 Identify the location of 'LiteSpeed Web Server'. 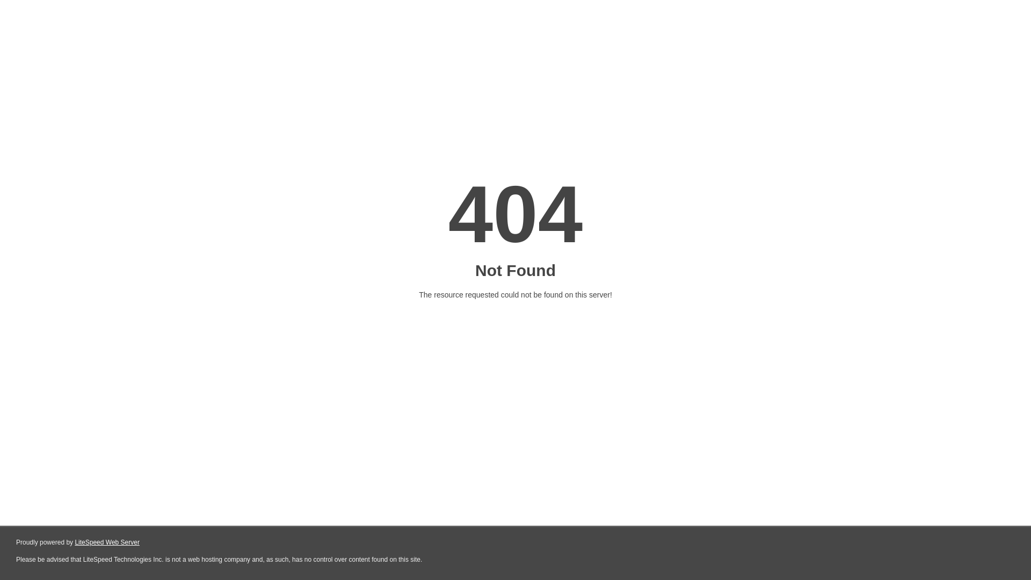
(107, 542).